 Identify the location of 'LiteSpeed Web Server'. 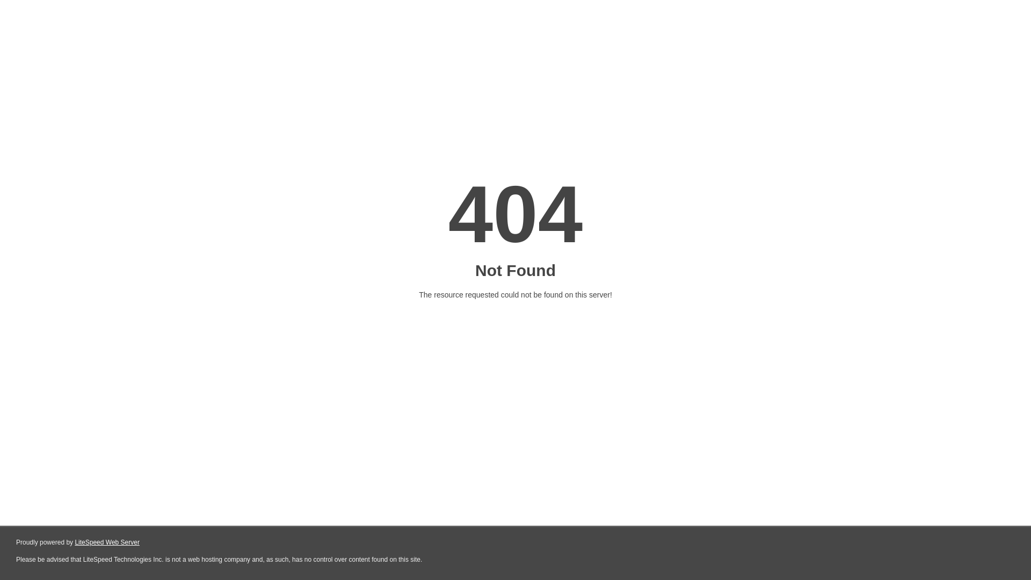
(107, 542).